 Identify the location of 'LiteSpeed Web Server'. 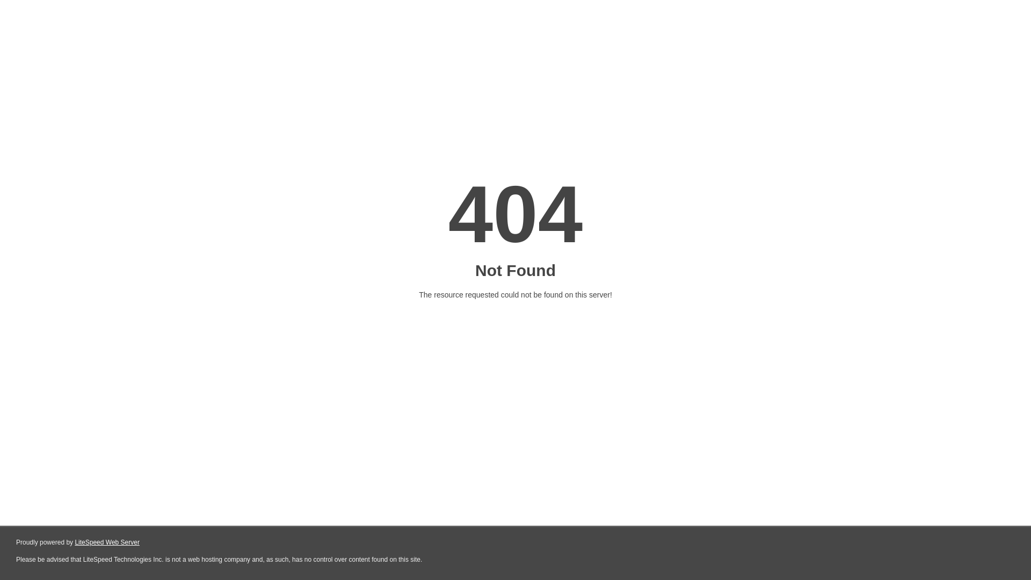
(107, 542).